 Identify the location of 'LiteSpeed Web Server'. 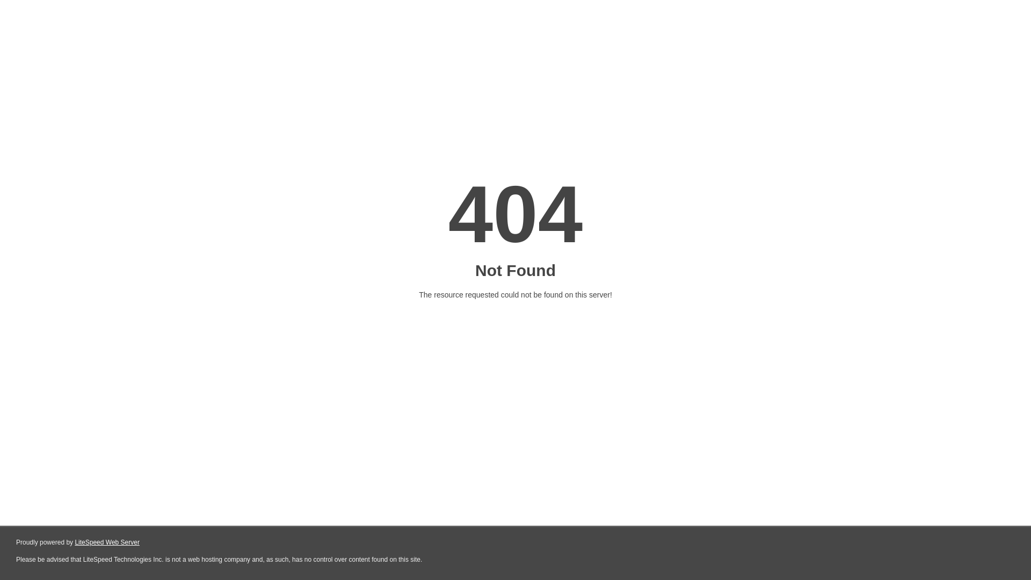
(107, 542).